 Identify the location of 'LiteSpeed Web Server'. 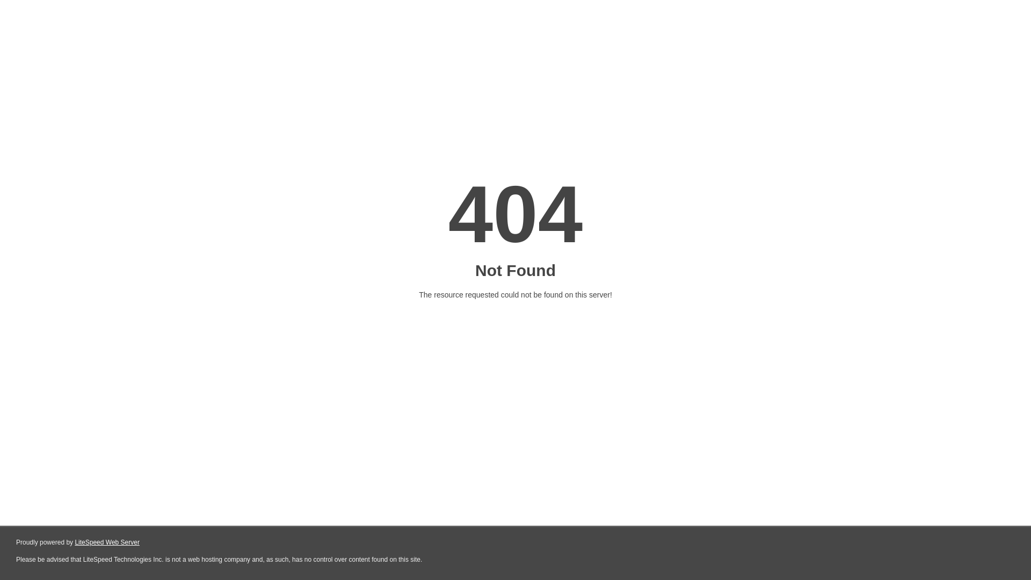
(107, 542).